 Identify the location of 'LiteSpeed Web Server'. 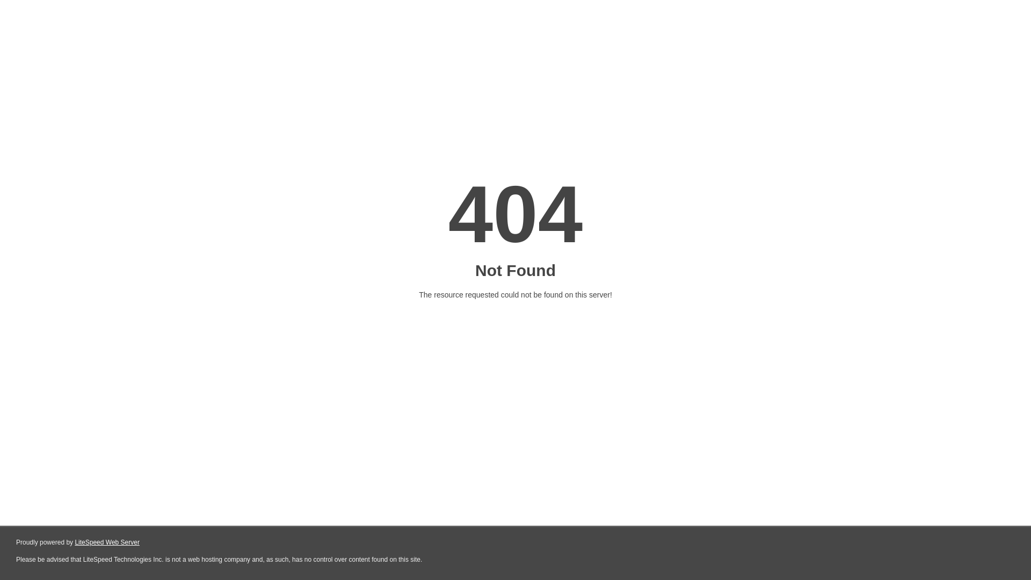
(107, 542).